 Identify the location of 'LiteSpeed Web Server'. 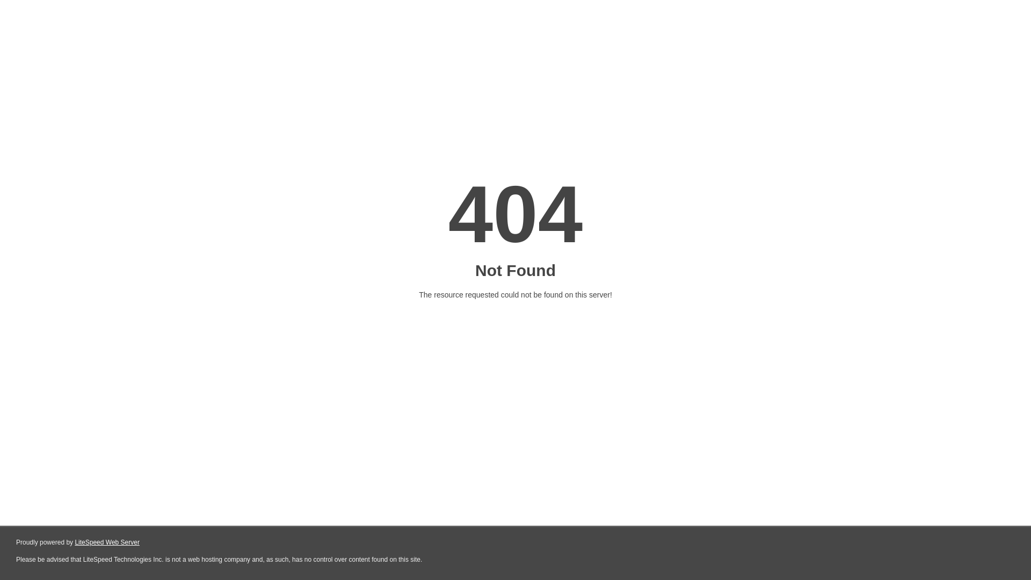
(107, 542).